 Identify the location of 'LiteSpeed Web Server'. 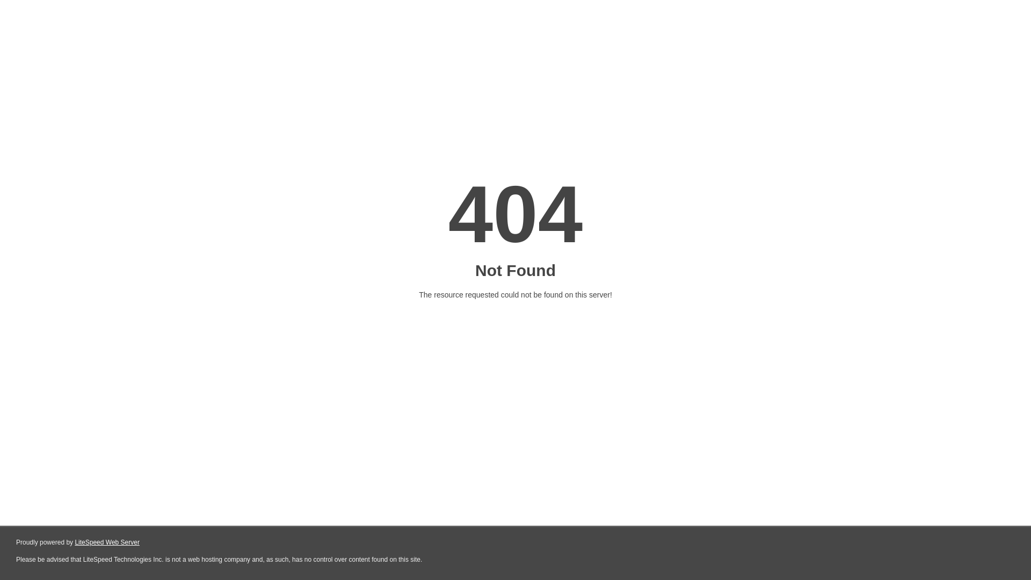
(107, 542).